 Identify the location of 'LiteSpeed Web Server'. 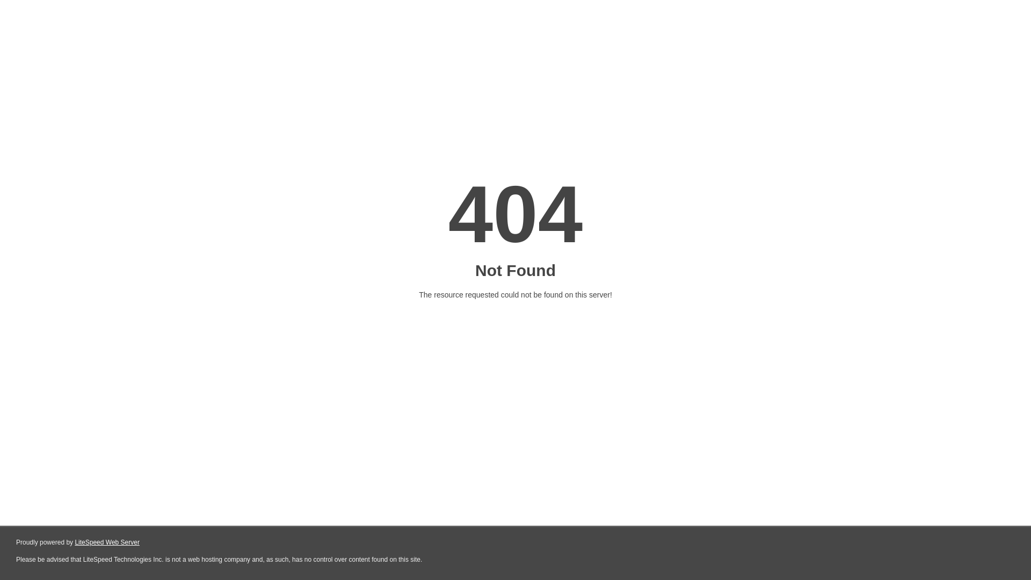
(107, 542).